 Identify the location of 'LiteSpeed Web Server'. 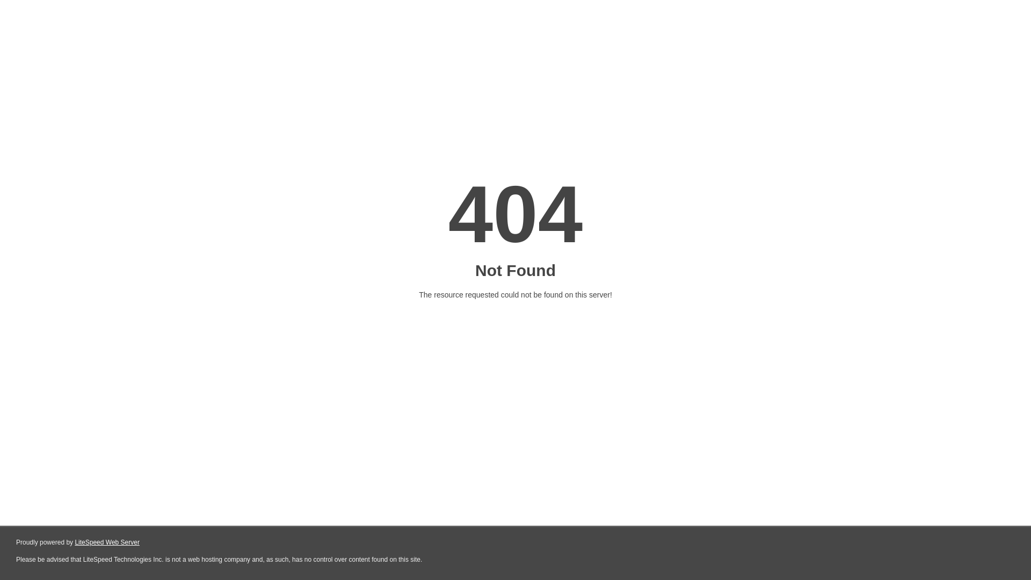
(107, 542).